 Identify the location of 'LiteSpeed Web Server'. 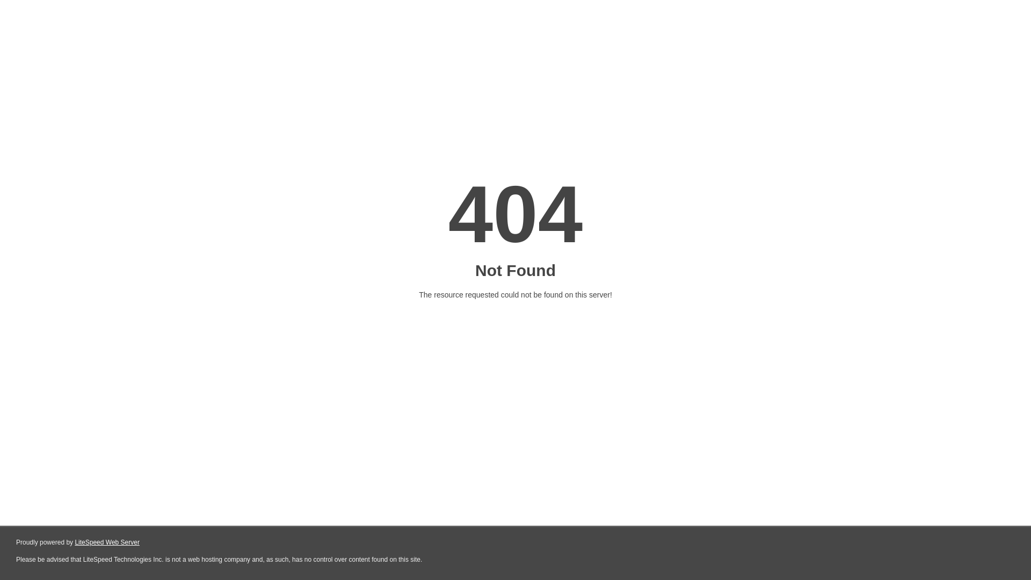
(107, 542).